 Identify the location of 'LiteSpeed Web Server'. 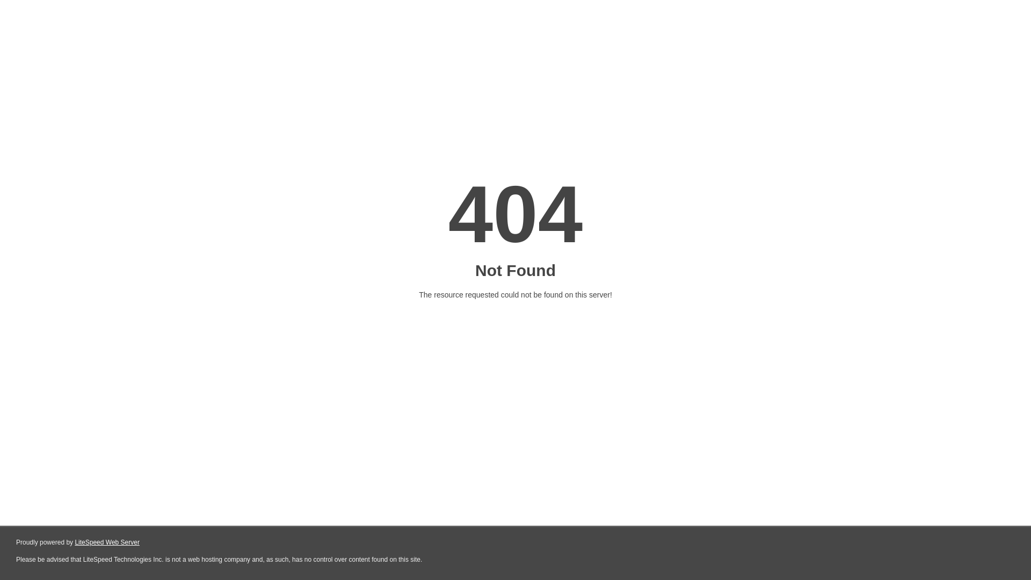
(107, 542).